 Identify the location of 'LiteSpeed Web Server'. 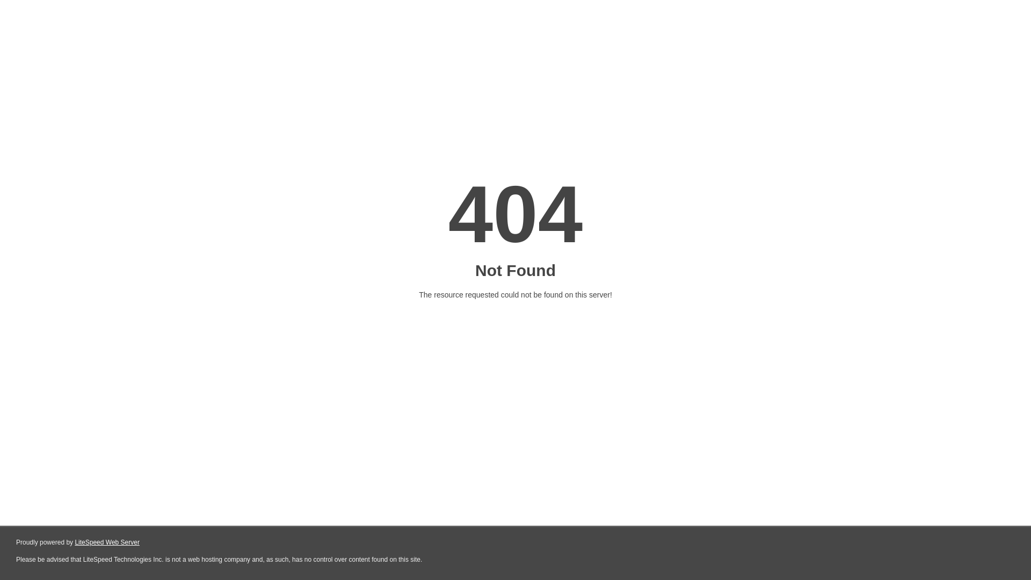
(107, 542).